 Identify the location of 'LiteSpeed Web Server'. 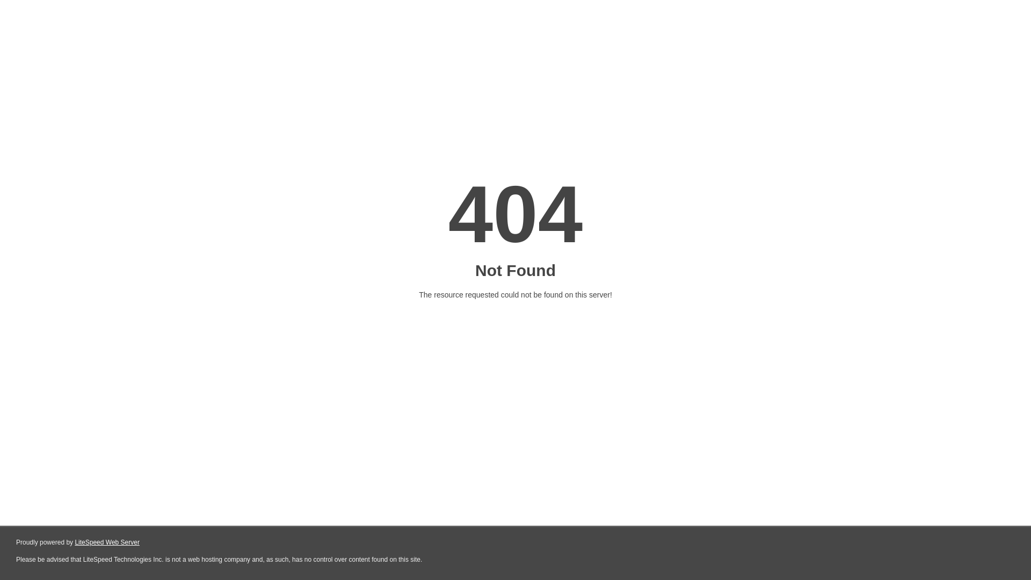
(107, 542).